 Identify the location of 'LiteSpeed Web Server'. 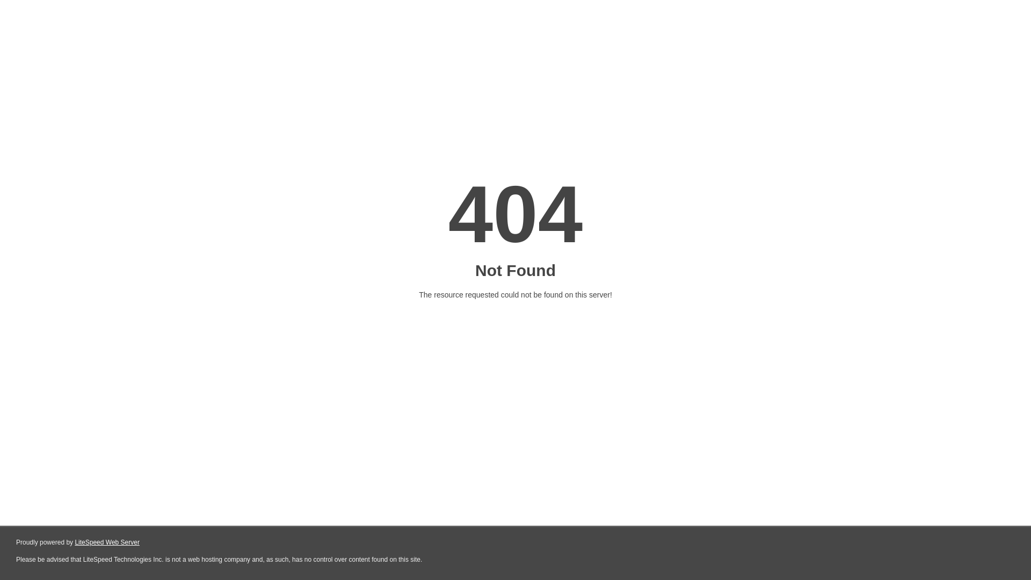
(107, 542).